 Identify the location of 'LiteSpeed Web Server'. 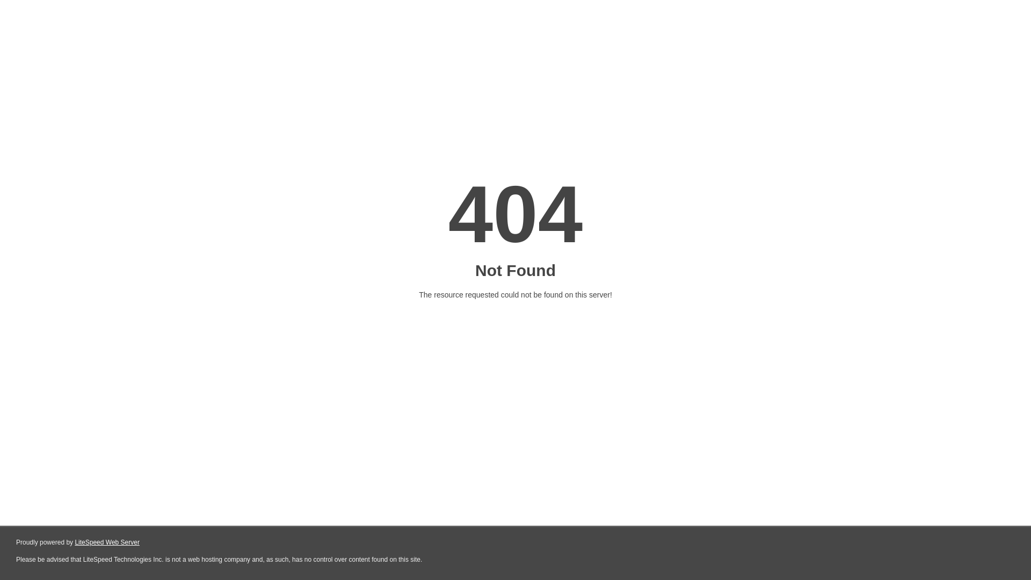
(107, 542).